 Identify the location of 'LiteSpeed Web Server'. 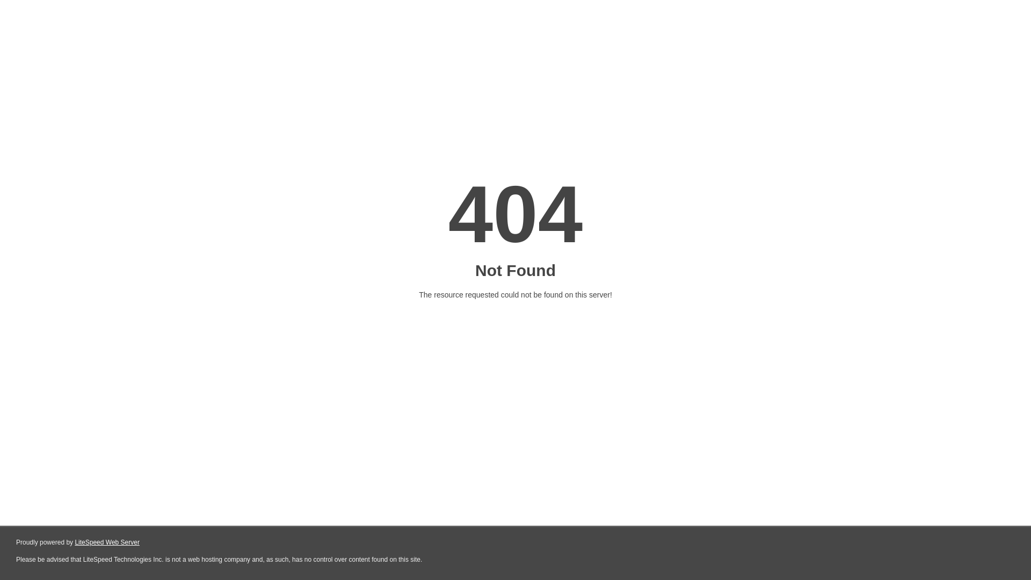
(107, 542).